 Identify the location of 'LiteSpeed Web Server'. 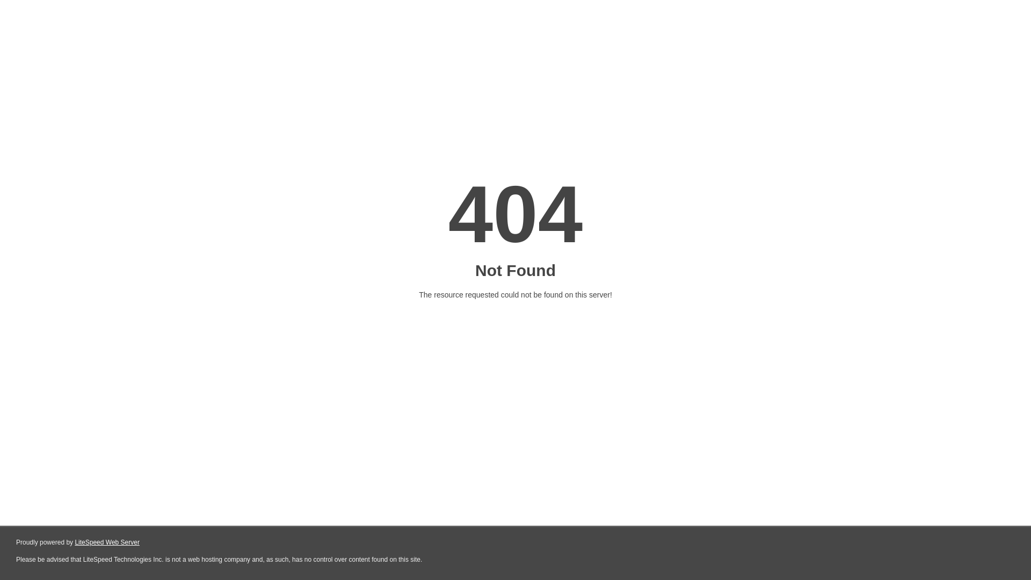
(107, 542).